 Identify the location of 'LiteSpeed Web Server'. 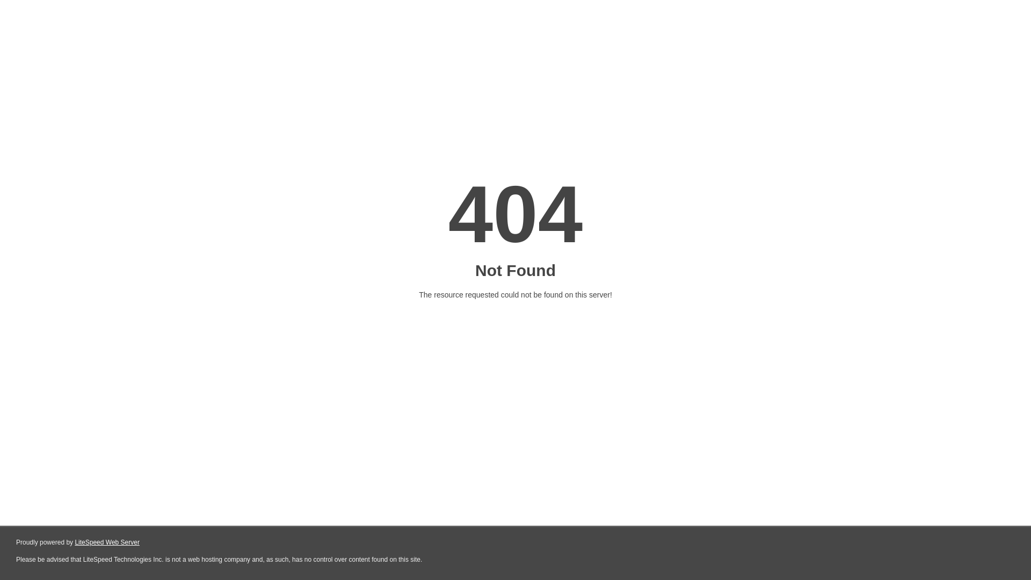
(107, 542).